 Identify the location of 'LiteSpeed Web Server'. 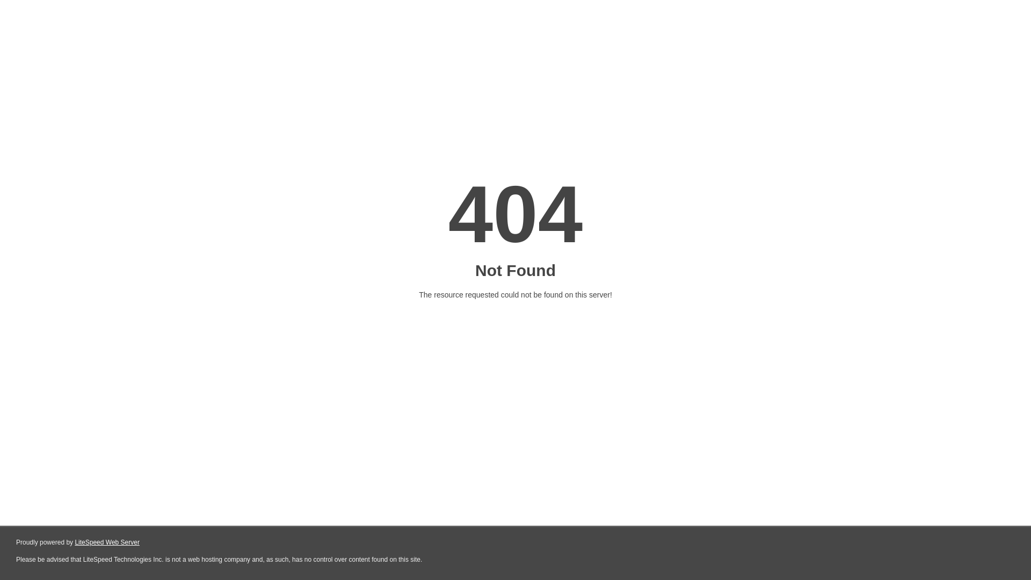
(107, 542).